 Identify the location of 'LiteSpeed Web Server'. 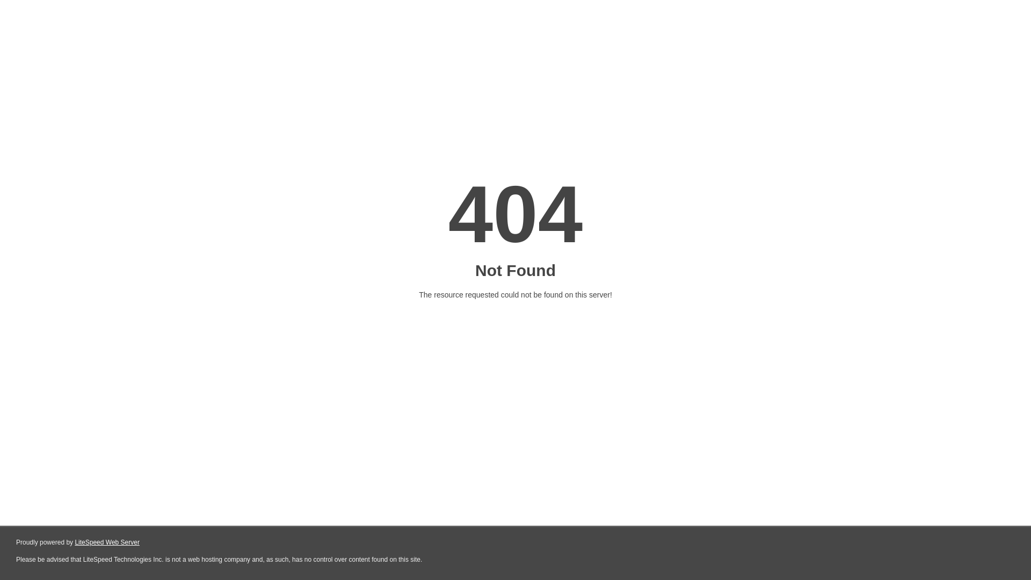
(107, 542).